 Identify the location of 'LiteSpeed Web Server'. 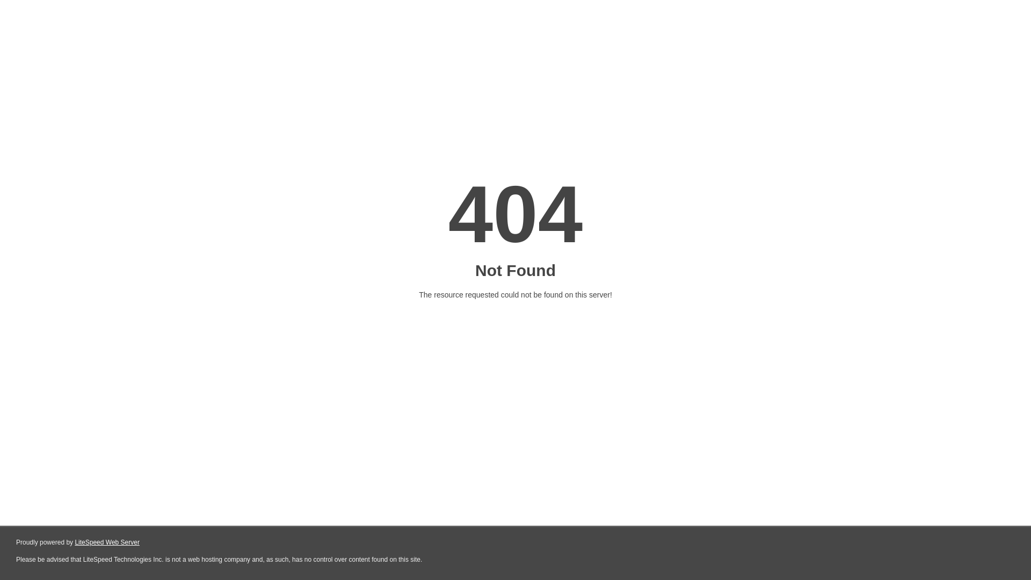
(107, 542).